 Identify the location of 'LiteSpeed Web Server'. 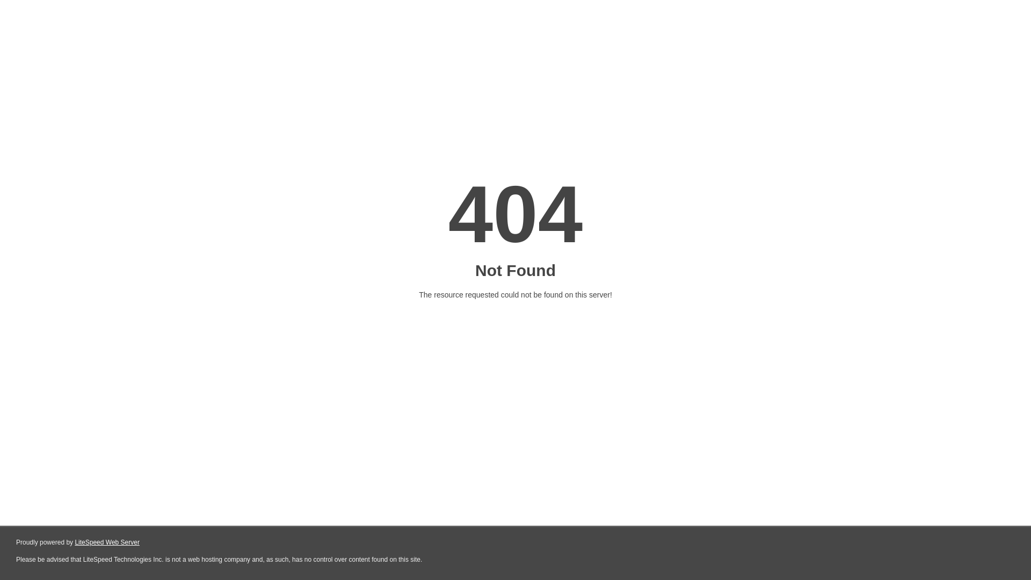
(107, 542).